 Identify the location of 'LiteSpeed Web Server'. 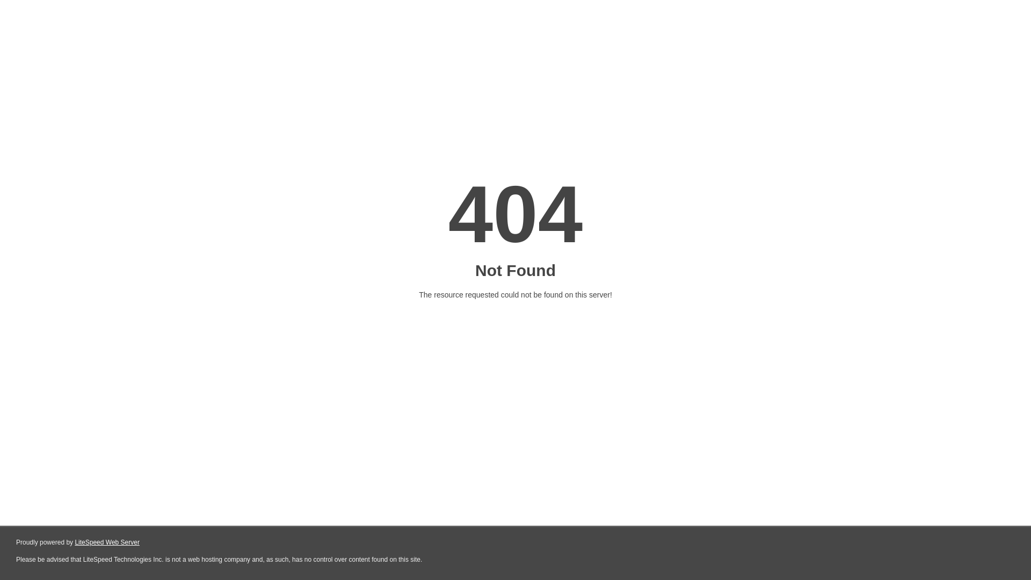
(107, 542).